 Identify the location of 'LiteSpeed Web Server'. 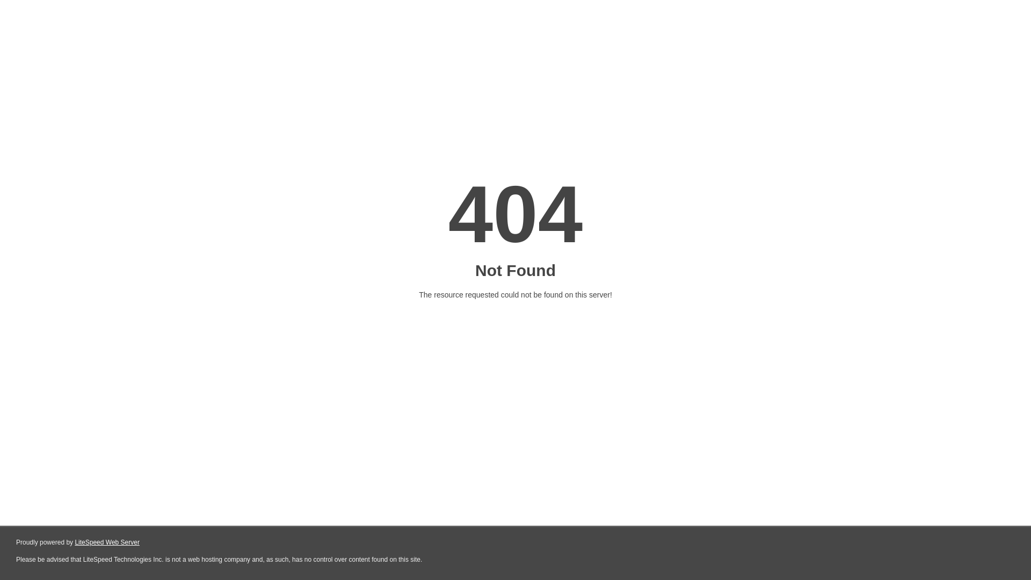
(107, 542).